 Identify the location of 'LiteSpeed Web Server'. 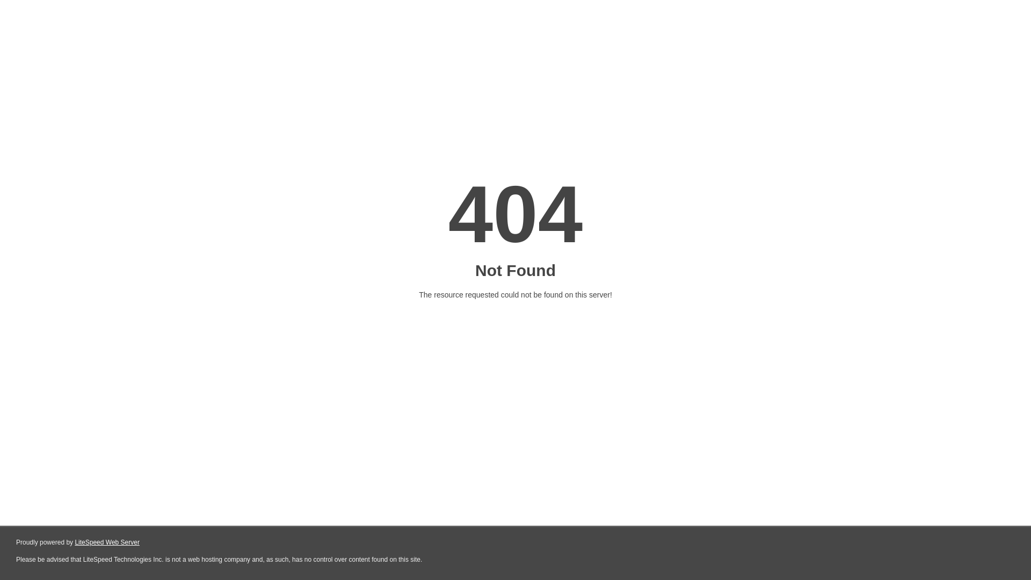
(107, 542).